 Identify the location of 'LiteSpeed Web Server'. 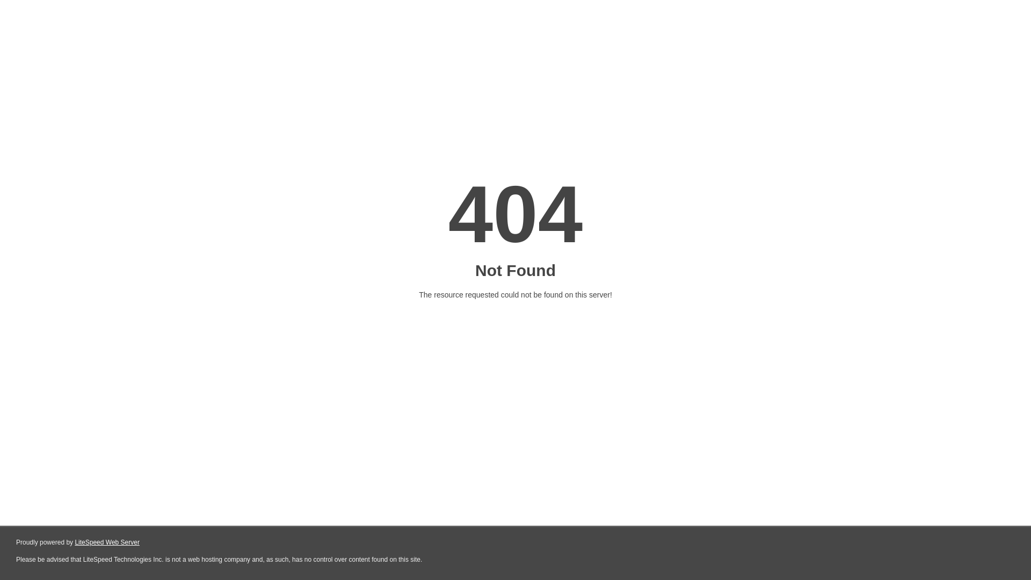
(107, 542).